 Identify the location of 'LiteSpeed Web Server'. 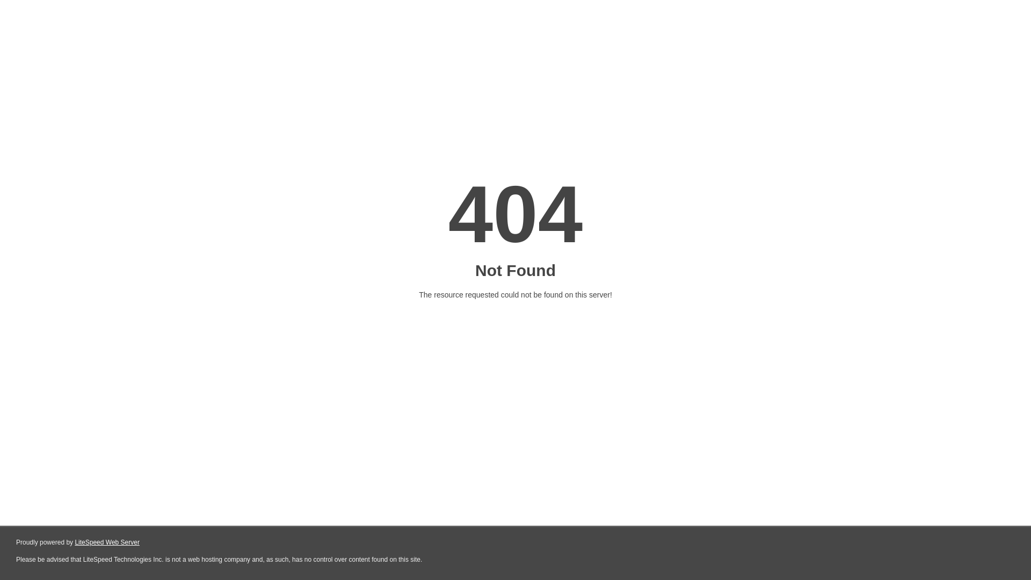
(107, 542).